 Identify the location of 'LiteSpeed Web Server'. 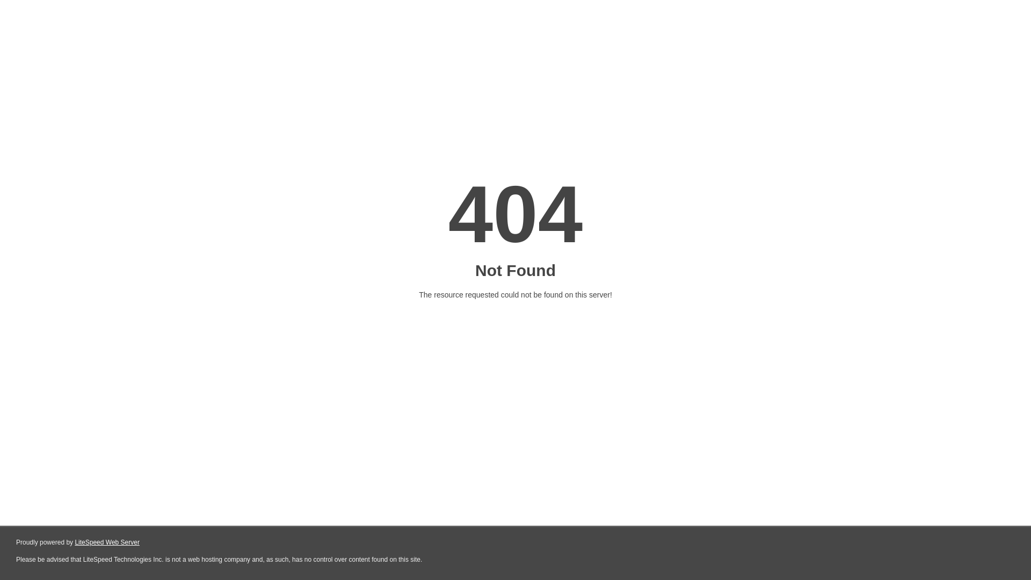
(107, 542).